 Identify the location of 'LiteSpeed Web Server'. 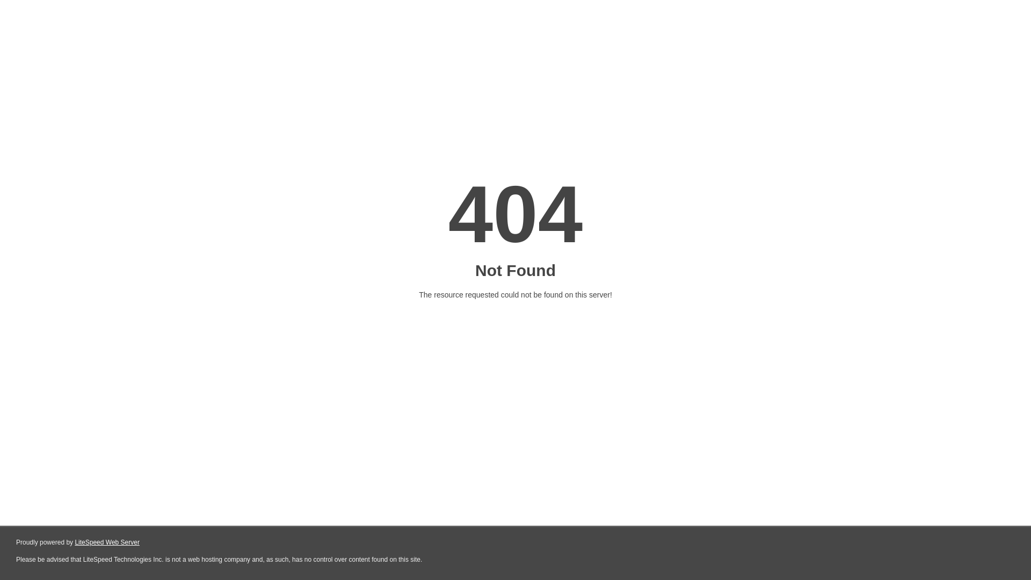
(107, 542).